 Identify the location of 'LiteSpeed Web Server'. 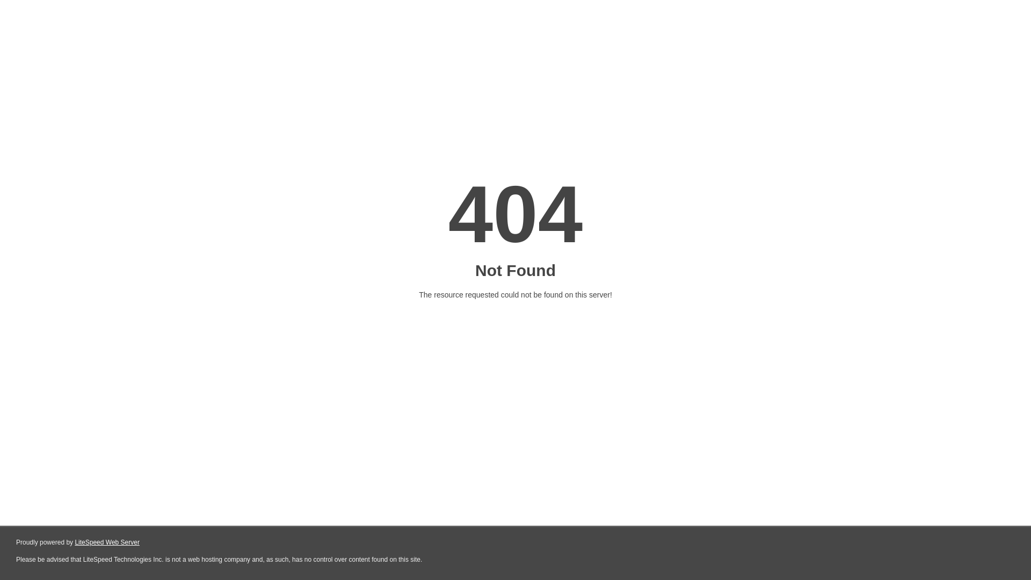
(107, 542).